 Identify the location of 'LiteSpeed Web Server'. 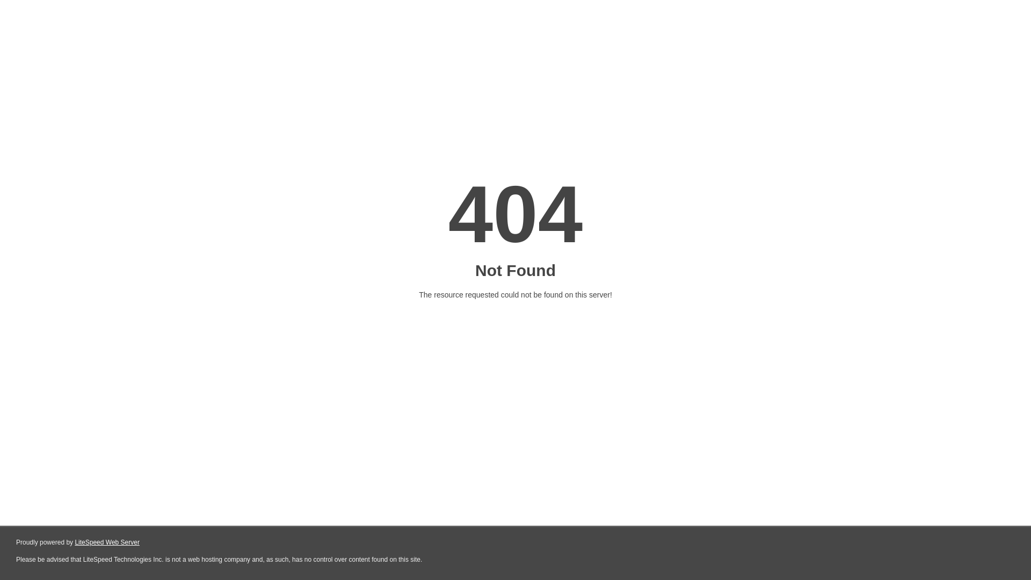
(107, 542).